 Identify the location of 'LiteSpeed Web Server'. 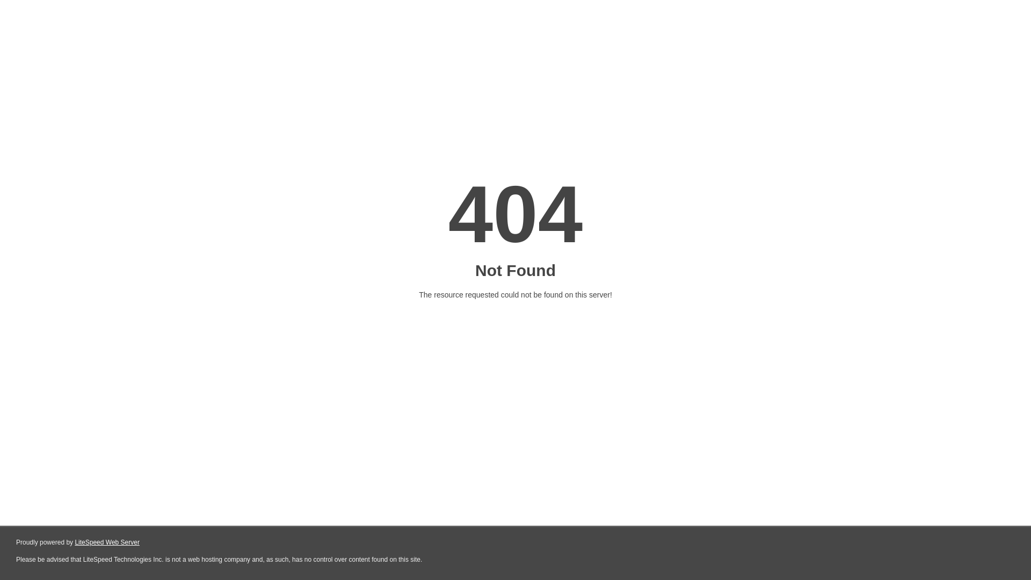
(107, 542).